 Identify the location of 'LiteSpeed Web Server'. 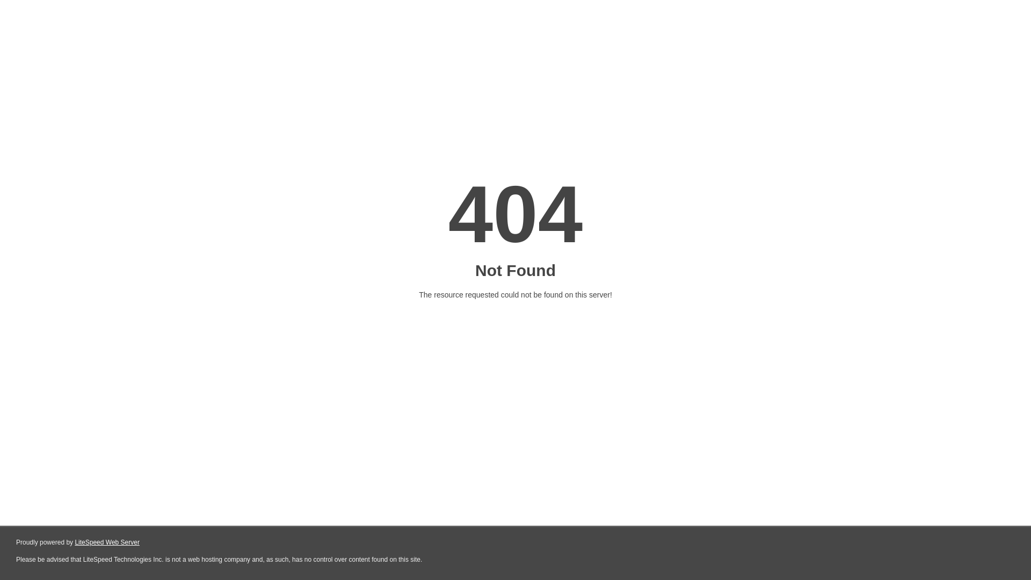
(107, 542).